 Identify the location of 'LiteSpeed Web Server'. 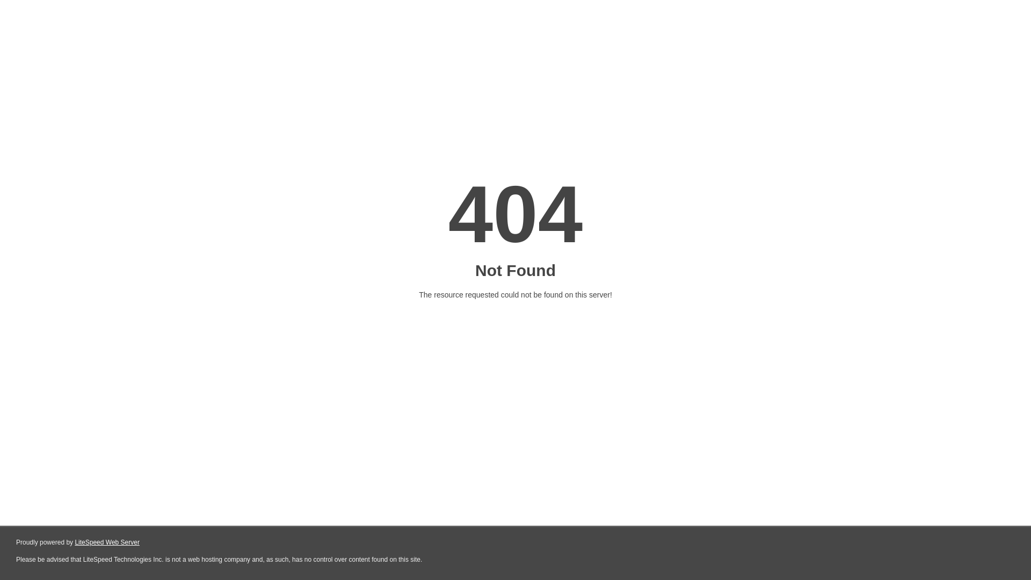
(107, 542).